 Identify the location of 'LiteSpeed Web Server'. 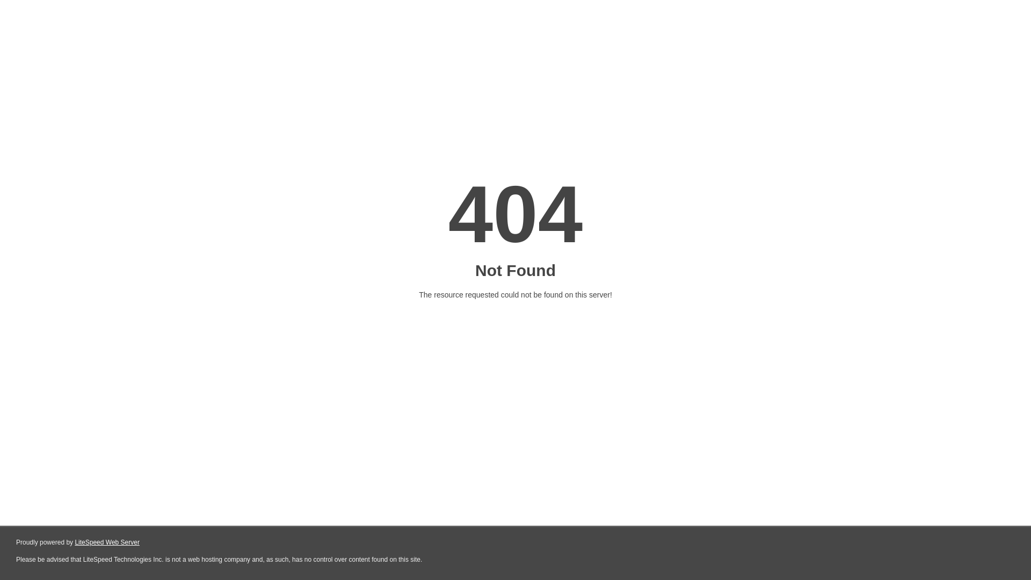
(107, 542).